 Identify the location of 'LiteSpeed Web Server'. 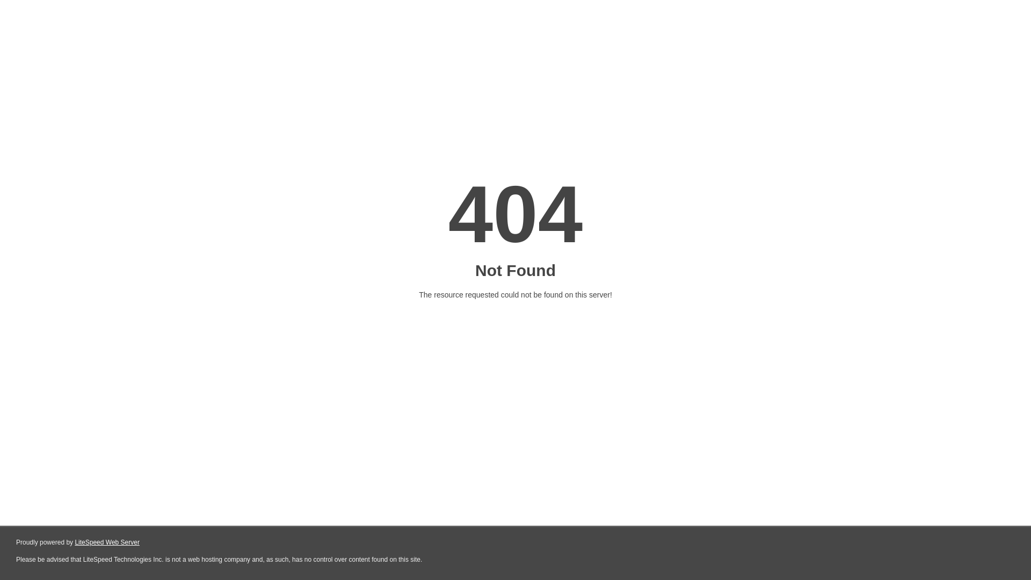
(107, 542).